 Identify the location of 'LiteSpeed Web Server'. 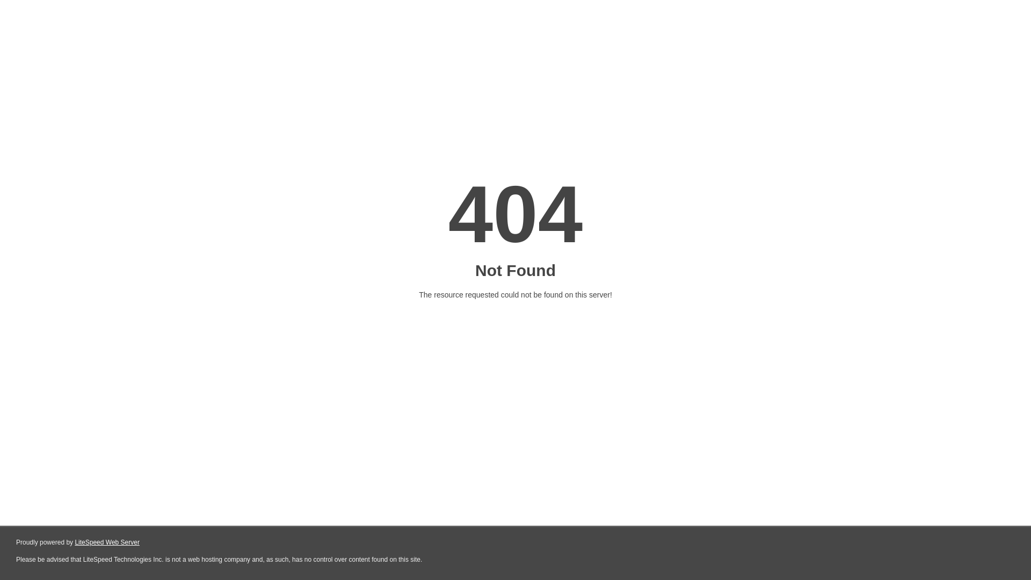
(107, 542).